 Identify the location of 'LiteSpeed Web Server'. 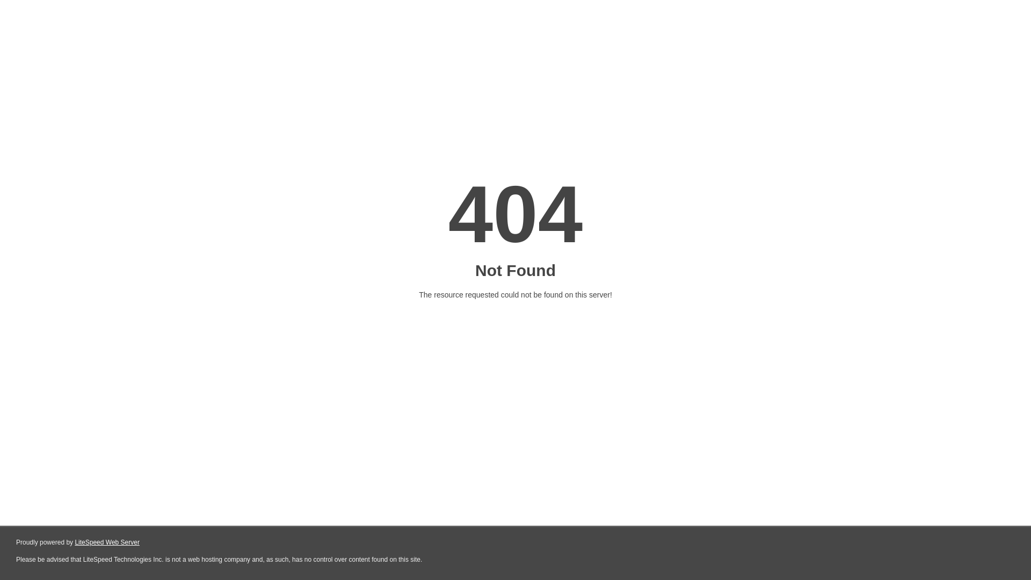
(107, 542).